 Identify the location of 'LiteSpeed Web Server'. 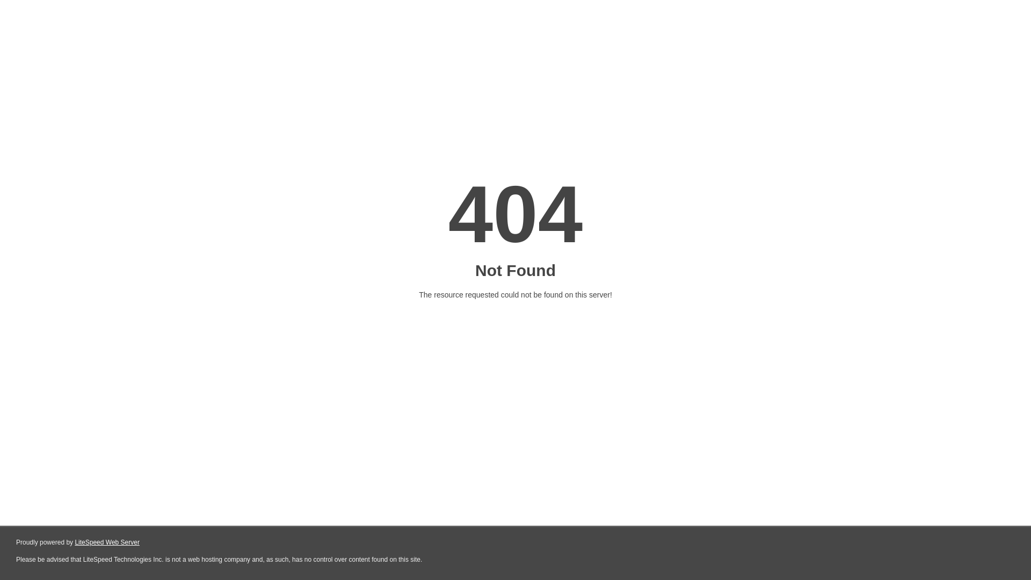
(107, 542).